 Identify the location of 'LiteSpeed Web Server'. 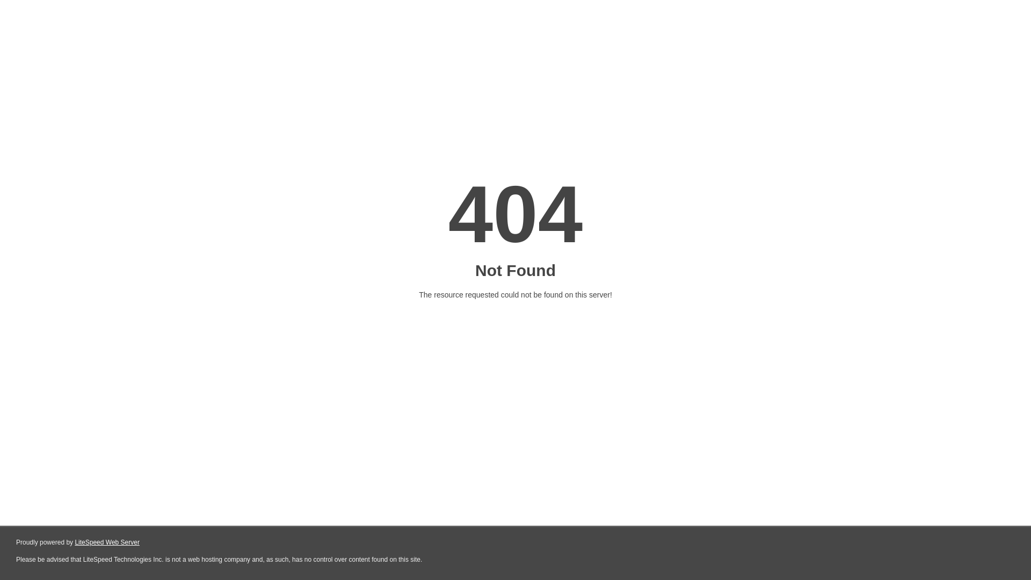
(107, 542).